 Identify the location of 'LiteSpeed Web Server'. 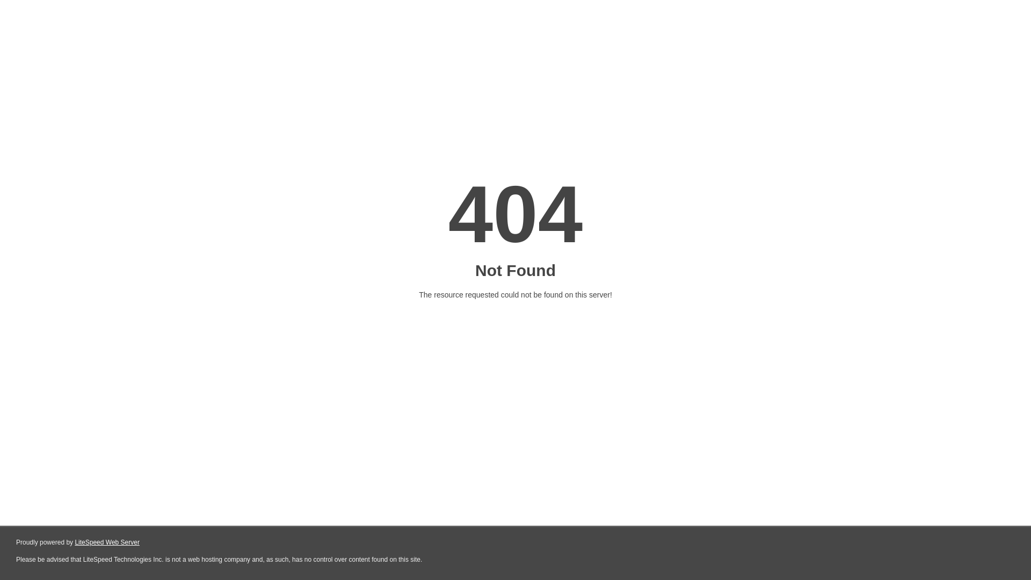
(107, 542).